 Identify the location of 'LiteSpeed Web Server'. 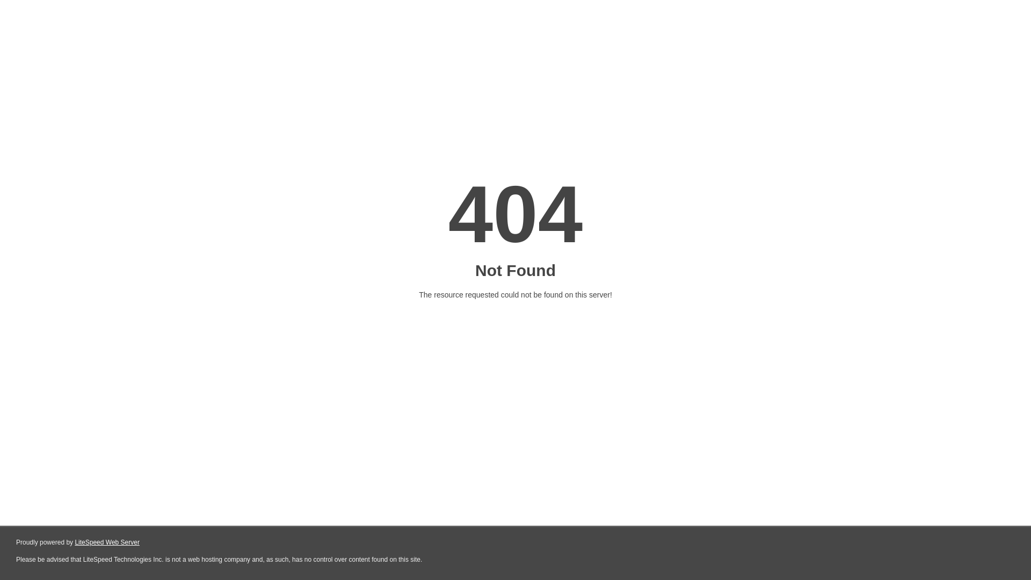
(107, 542).